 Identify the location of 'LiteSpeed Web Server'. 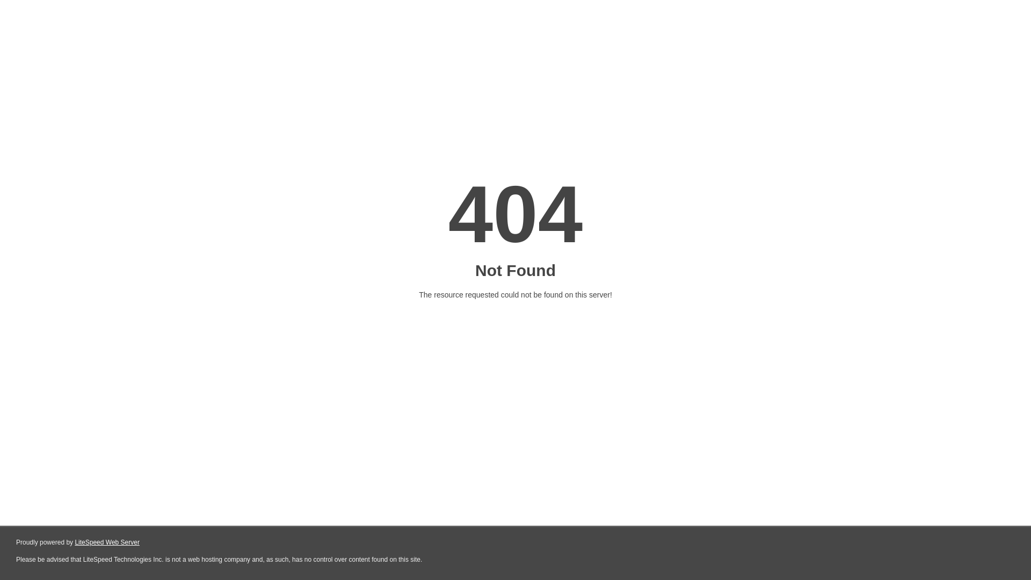
(107, 542).